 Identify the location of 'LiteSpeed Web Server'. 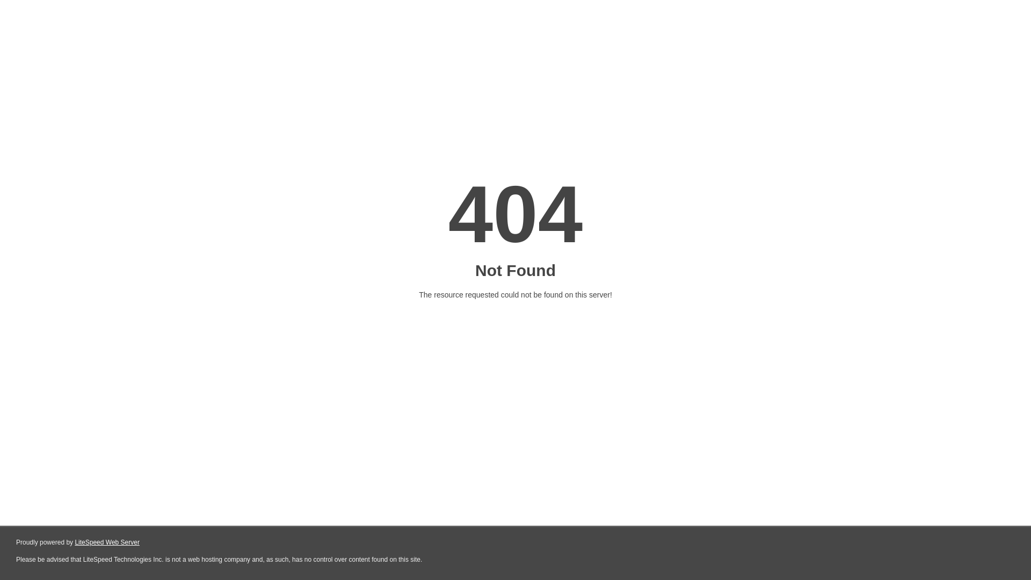
(107, 542).